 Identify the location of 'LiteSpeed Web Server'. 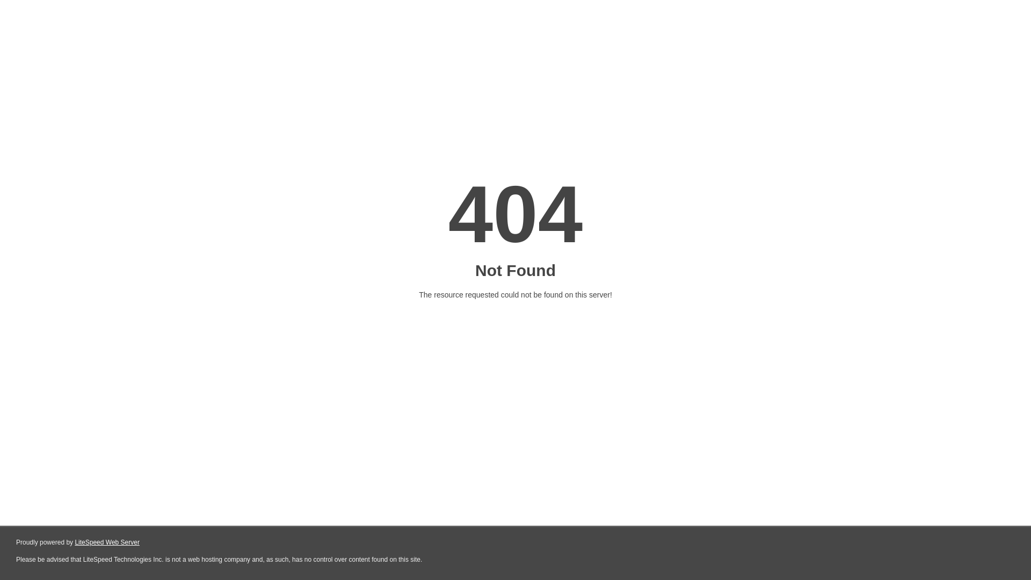
(107, 542).